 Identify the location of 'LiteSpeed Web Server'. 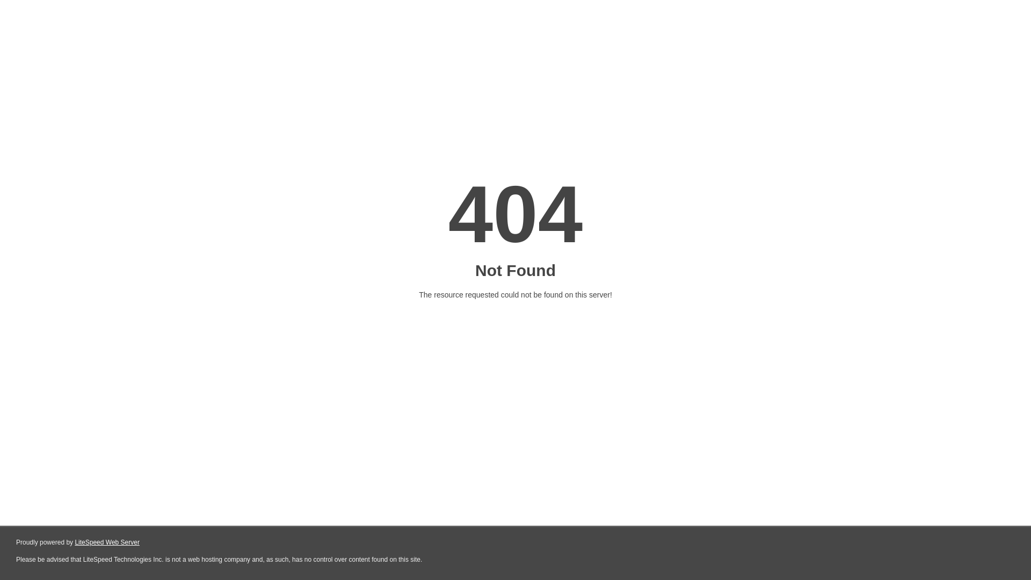
(107, 542).